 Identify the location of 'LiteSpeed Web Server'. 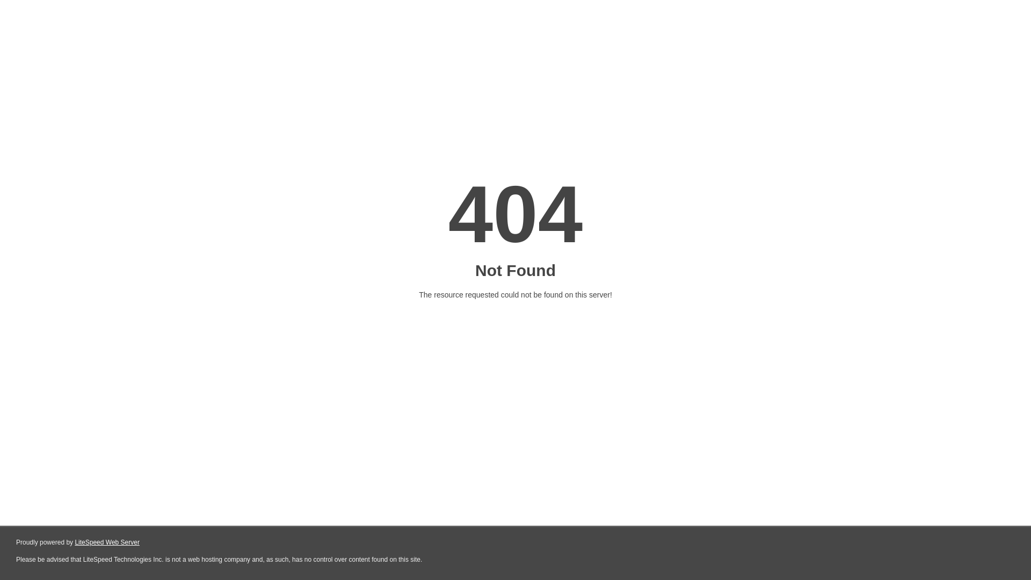
(107, 542).